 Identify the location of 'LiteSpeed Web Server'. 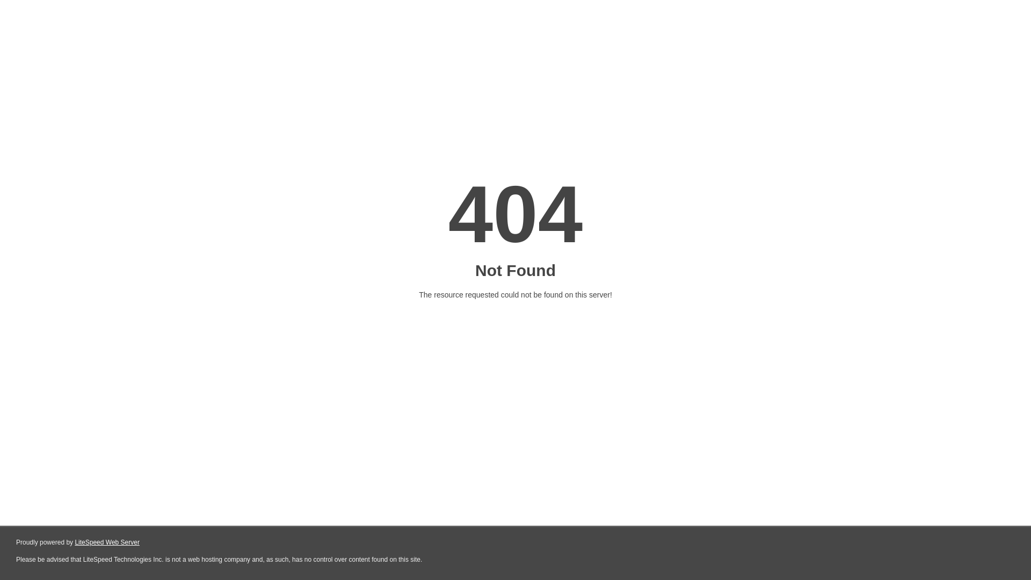
(107, 542).